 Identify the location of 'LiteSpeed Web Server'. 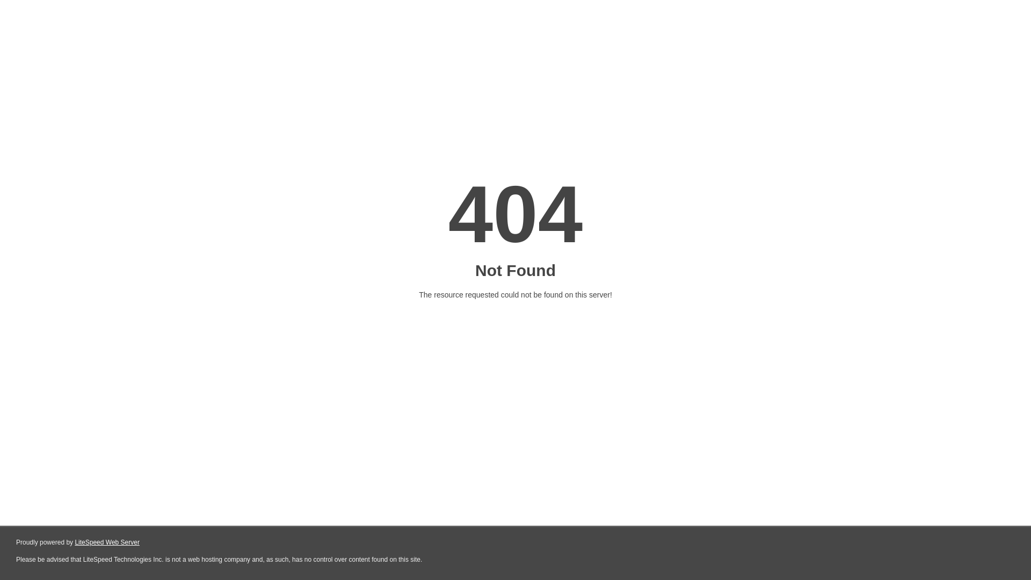
(107, 542).